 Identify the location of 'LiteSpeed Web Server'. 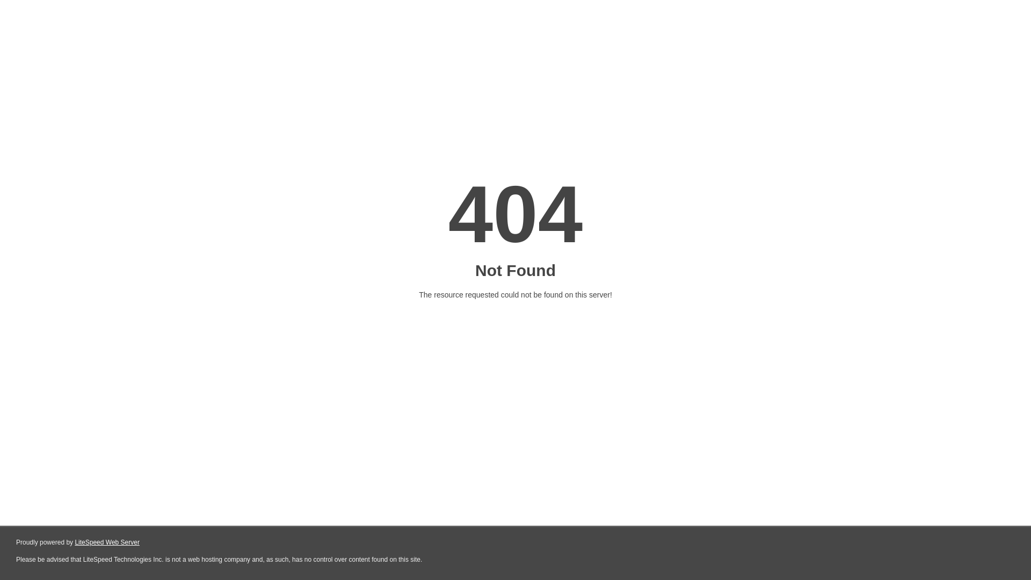
(107, 542).